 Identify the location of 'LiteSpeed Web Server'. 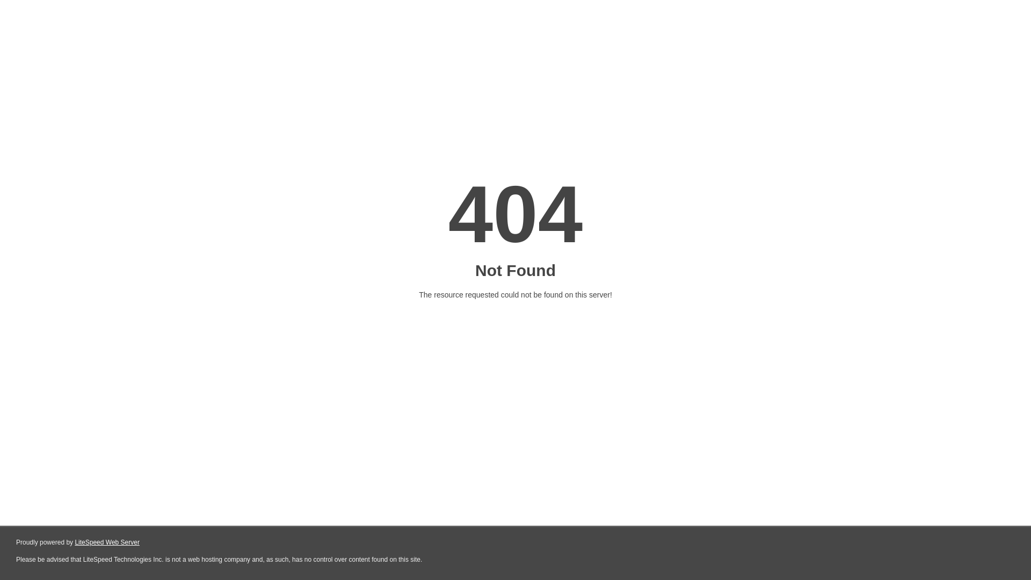
(107, 542).